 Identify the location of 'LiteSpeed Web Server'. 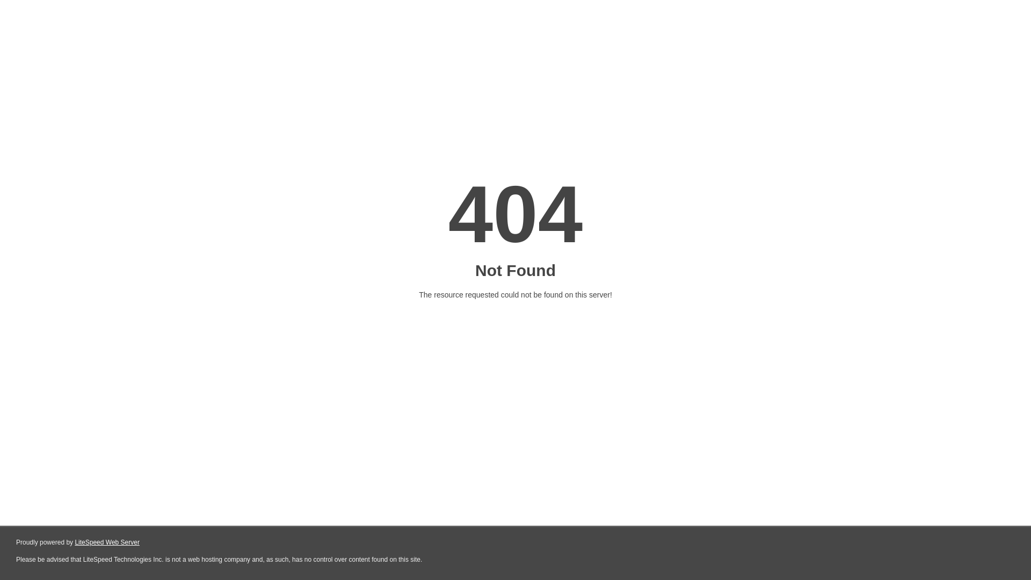
(107, 542).